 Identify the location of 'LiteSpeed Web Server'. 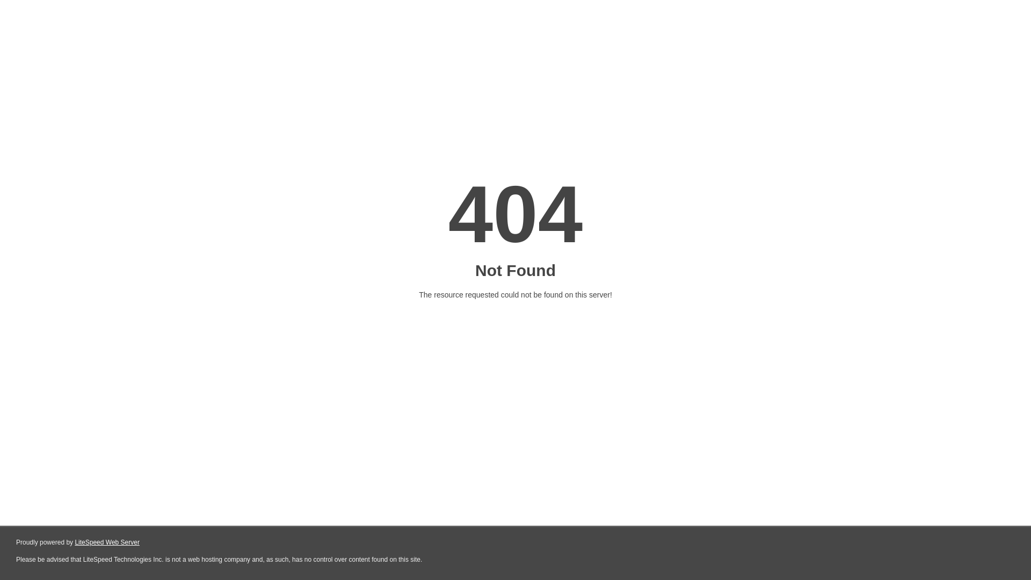
(107, 542).